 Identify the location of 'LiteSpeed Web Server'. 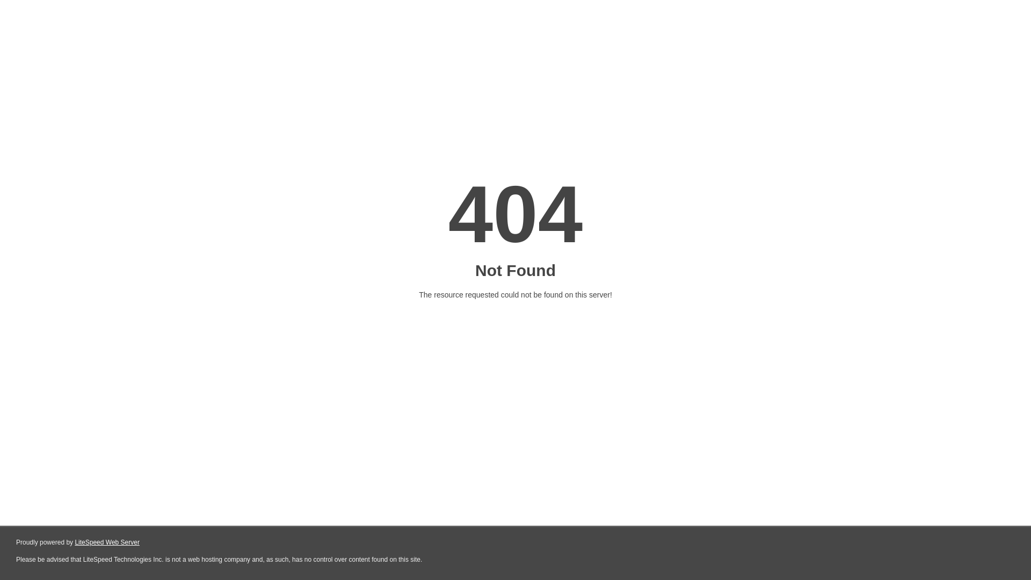
(107, 542).